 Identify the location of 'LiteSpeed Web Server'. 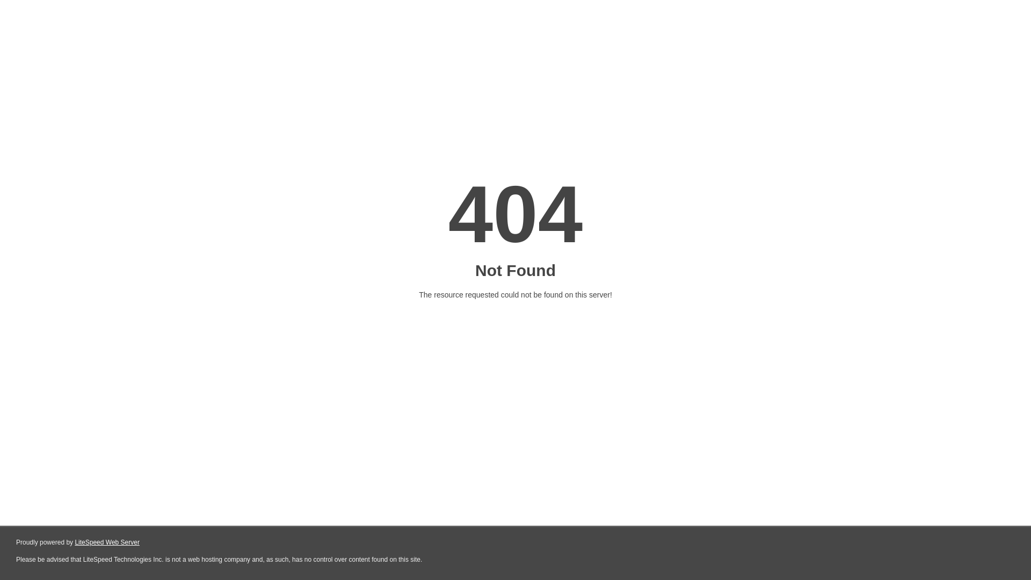
(107, 542).